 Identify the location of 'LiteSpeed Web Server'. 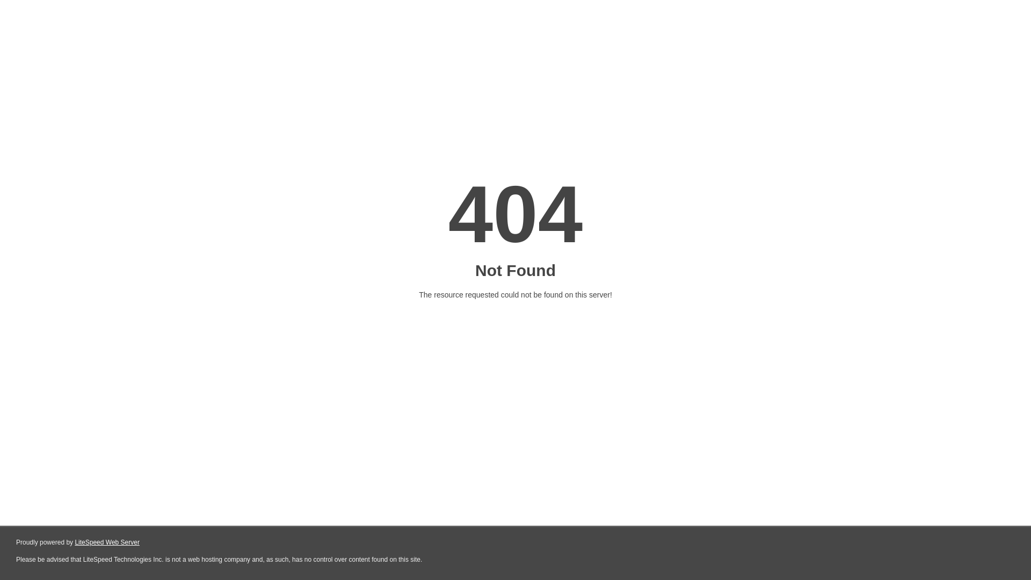
(107, 542).